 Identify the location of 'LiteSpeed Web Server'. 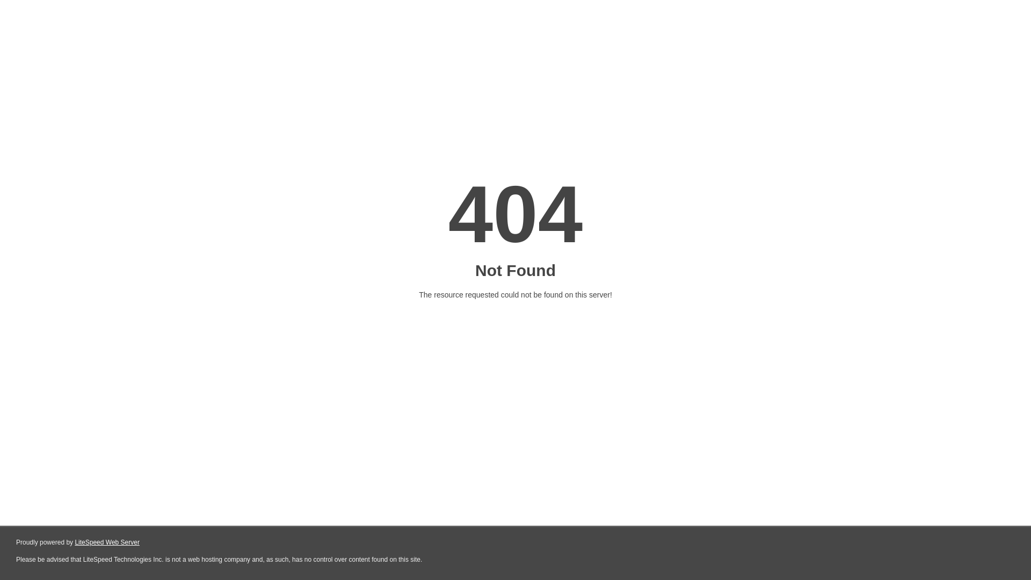
(107, 542).